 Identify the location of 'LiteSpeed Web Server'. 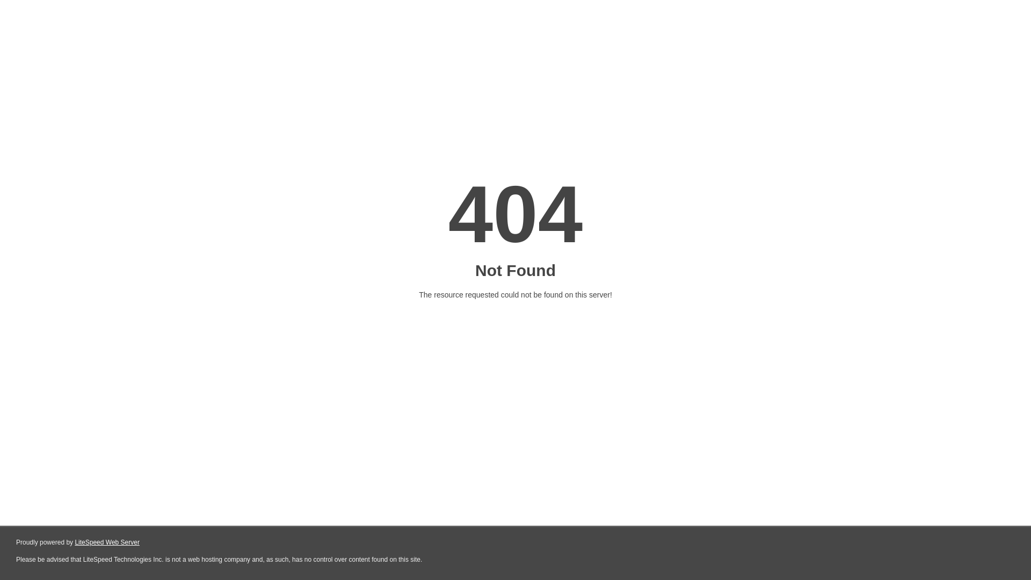
(107, 542).